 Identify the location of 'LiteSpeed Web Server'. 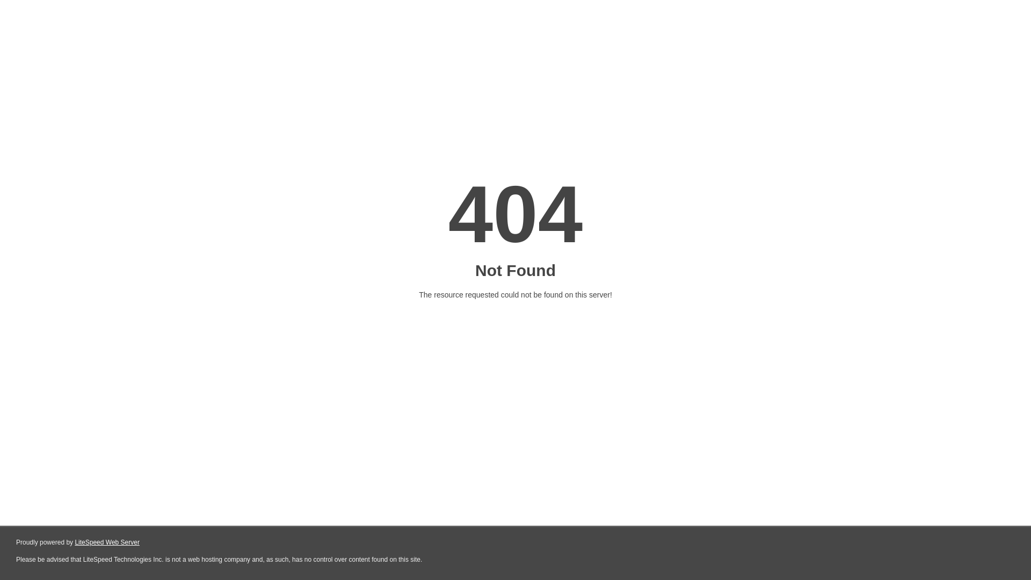
(107, 542).